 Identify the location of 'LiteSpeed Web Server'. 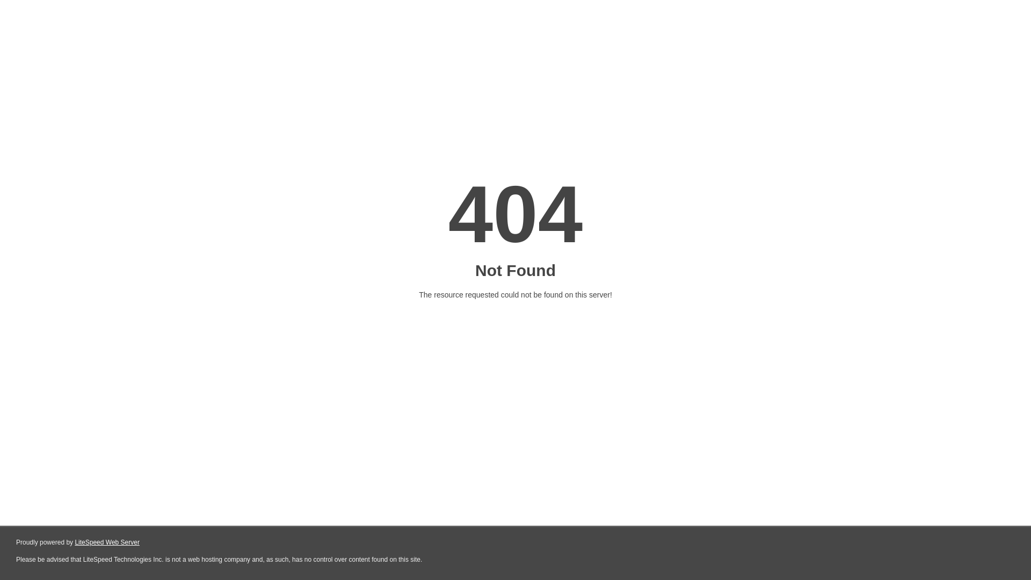
(107, 542).